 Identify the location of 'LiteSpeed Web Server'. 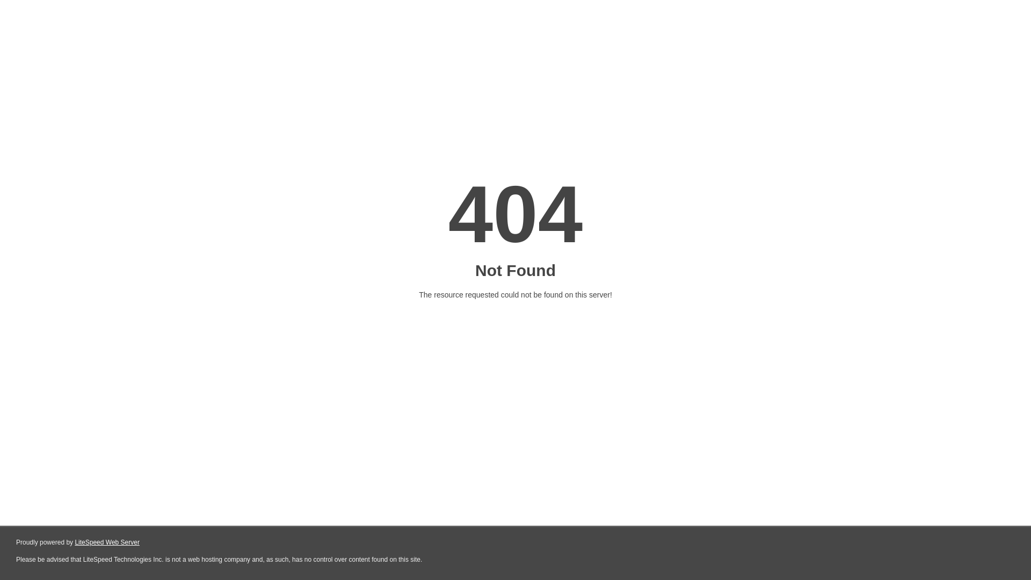
(107, 542).